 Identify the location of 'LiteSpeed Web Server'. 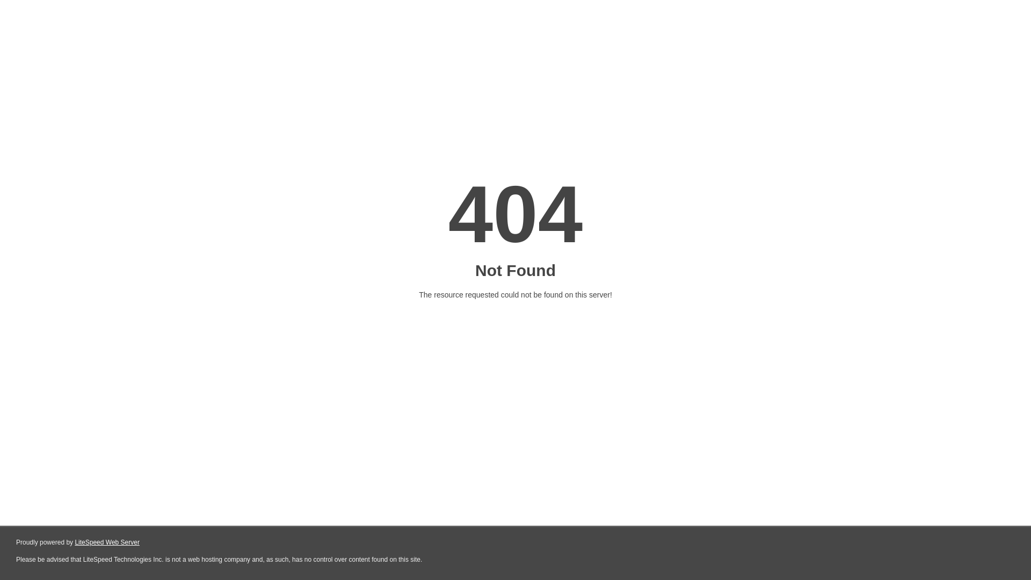
(107, 542).